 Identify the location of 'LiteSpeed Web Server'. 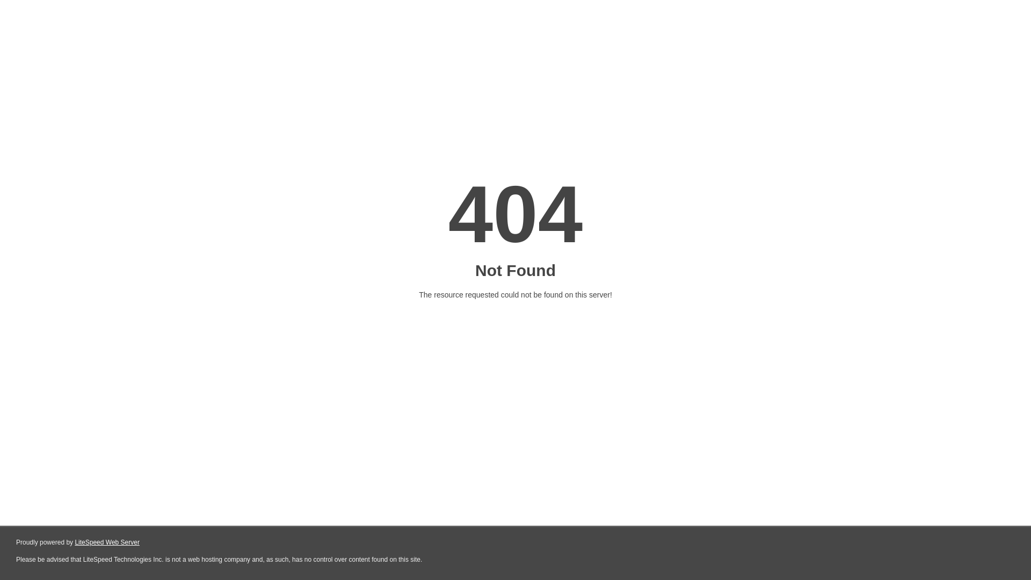
(107, 542).